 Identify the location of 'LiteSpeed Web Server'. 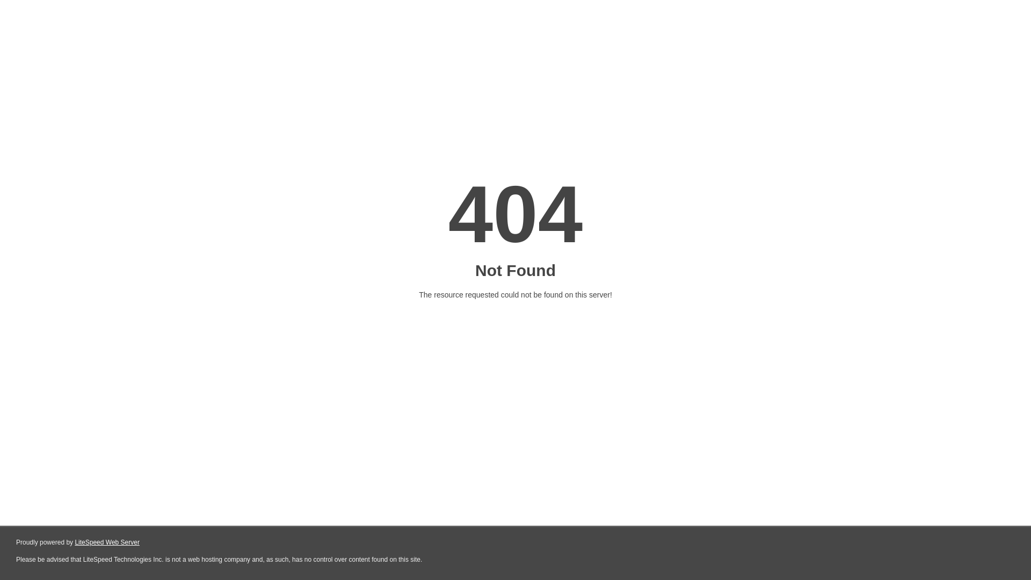
(107, 542).